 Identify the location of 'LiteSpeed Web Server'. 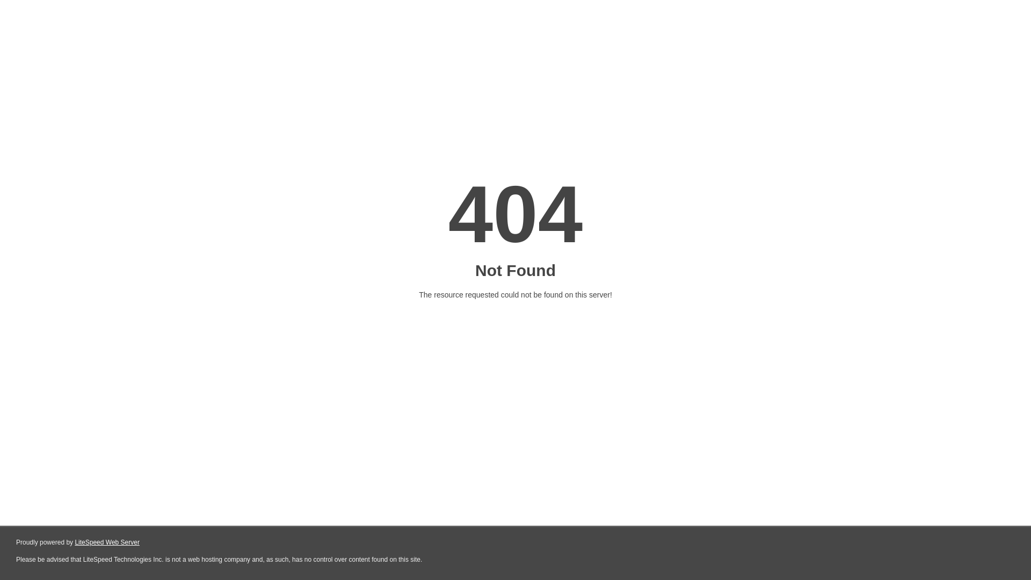
(107, 542).